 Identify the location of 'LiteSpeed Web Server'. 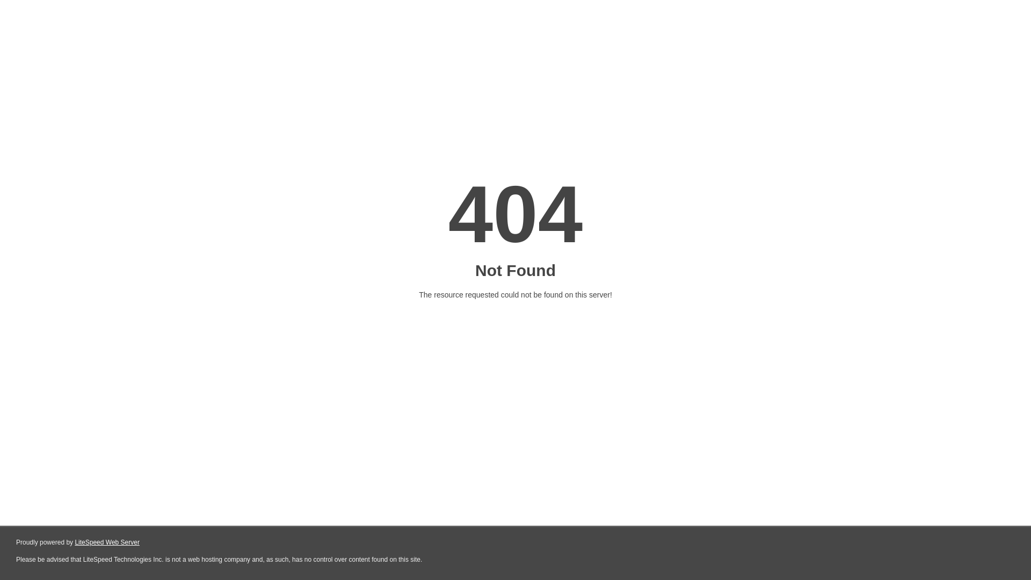
(107, 542).